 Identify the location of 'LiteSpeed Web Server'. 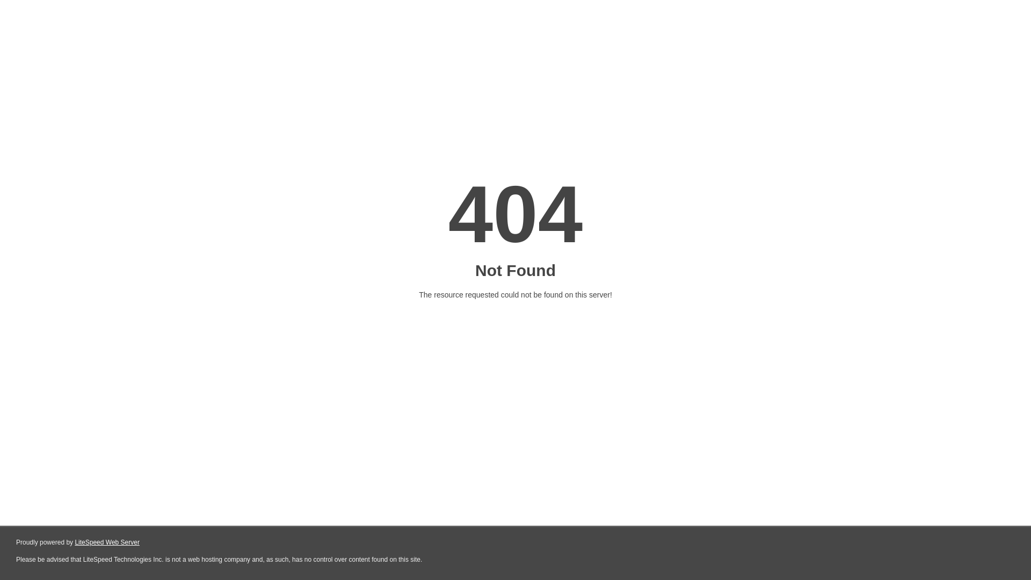
(107, 542).